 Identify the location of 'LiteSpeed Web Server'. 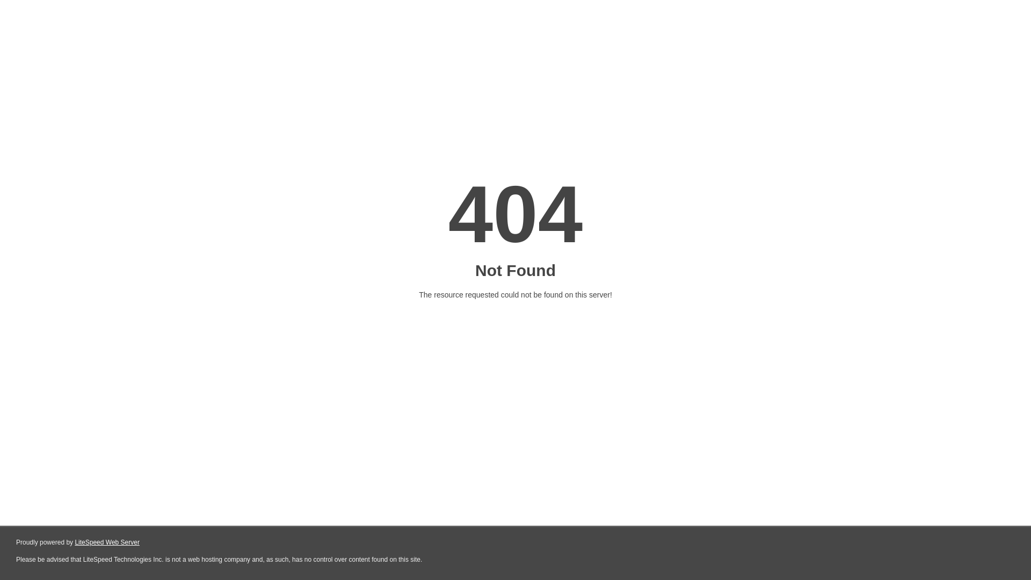
(107, 542).